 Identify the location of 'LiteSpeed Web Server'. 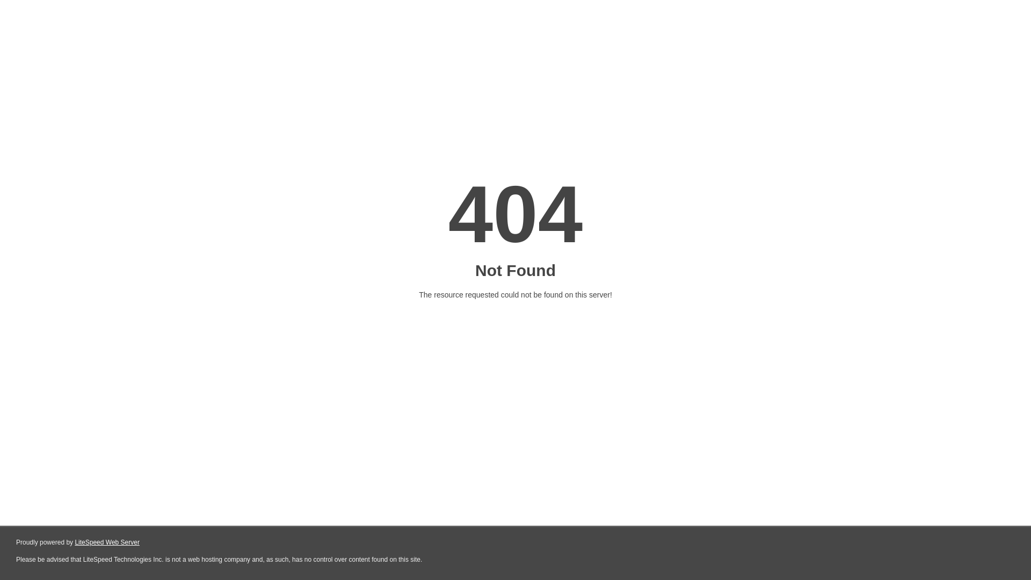
(107, 542).